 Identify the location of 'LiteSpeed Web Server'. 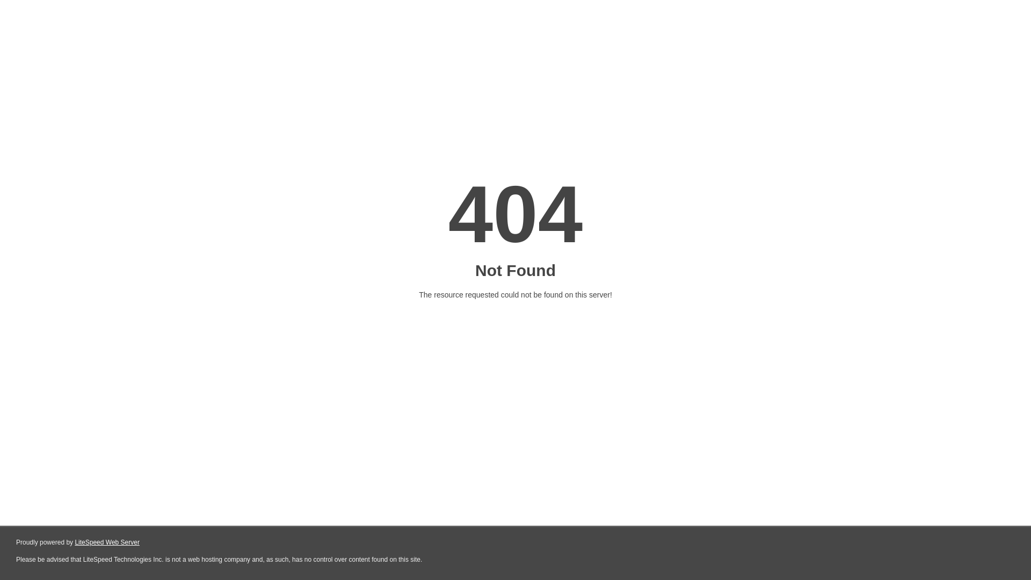
(107, 542).